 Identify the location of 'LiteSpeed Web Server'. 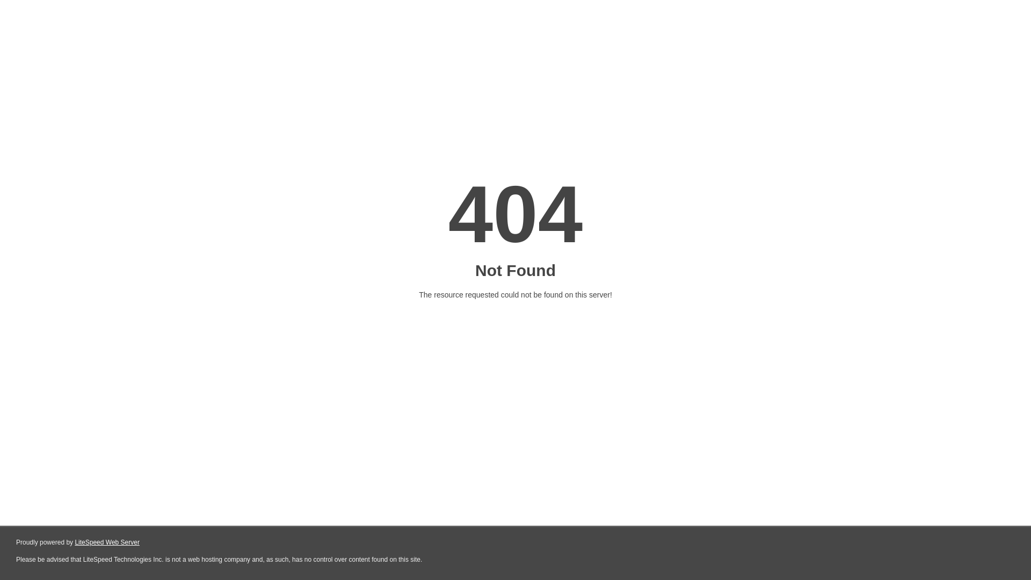
(107, 542).